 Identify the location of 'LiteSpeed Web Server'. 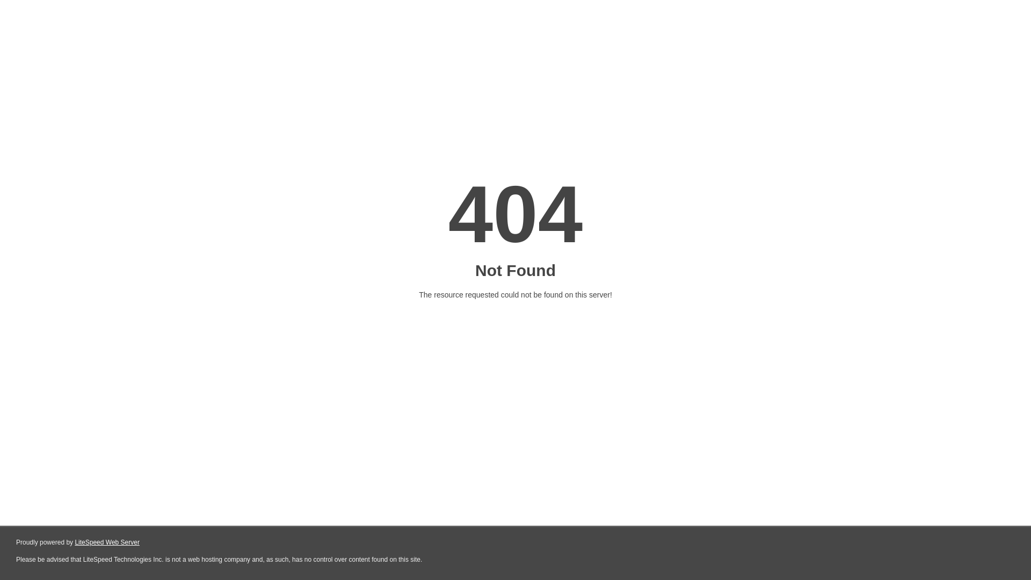
(107, 542).